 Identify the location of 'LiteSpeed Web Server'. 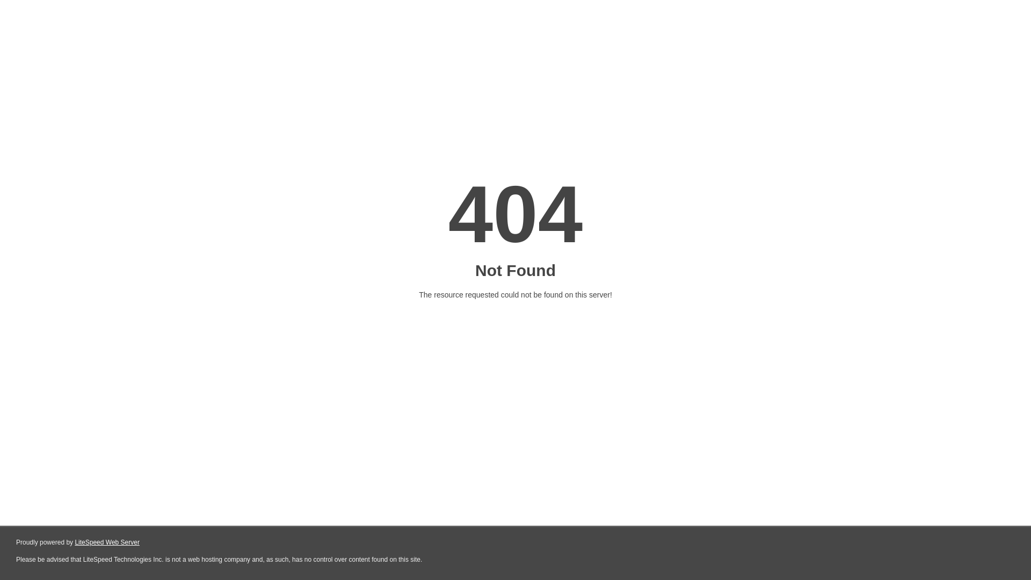
(107, 542).